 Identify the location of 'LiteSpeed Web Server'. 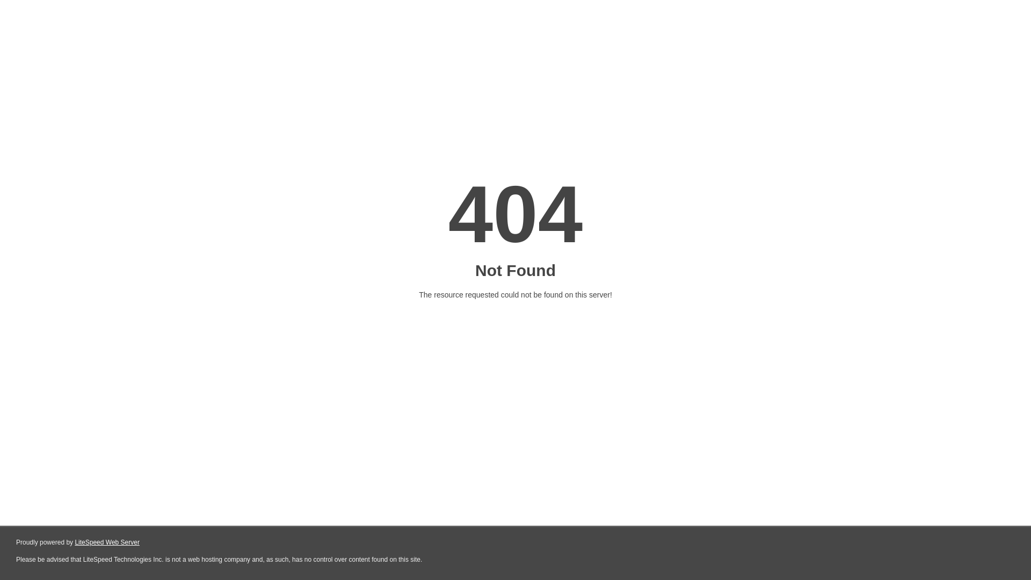
(107, 542).